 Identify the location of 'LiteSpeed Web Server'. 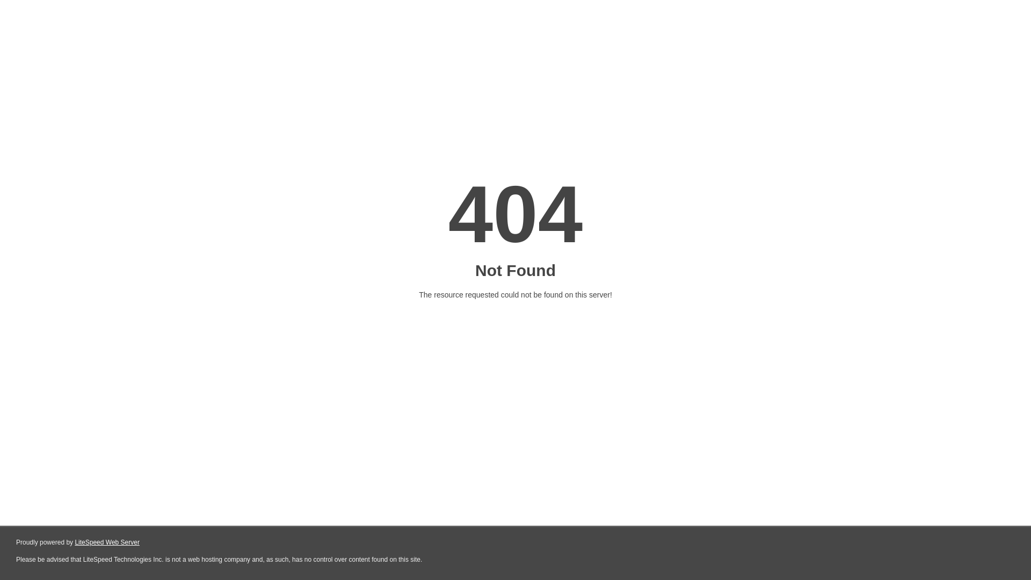
(107, 542).